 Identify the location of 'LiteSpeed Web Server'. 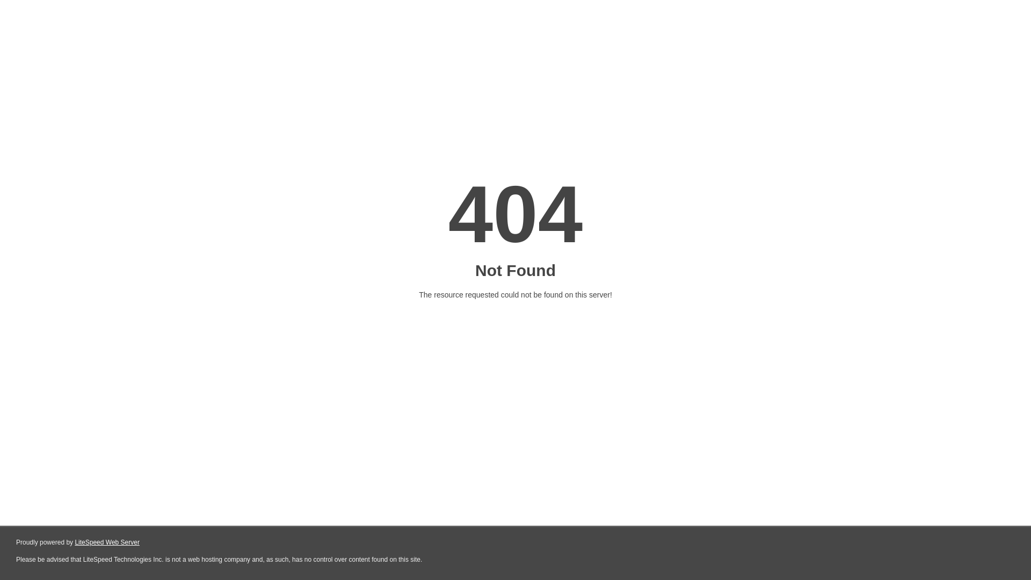
(107, 542).